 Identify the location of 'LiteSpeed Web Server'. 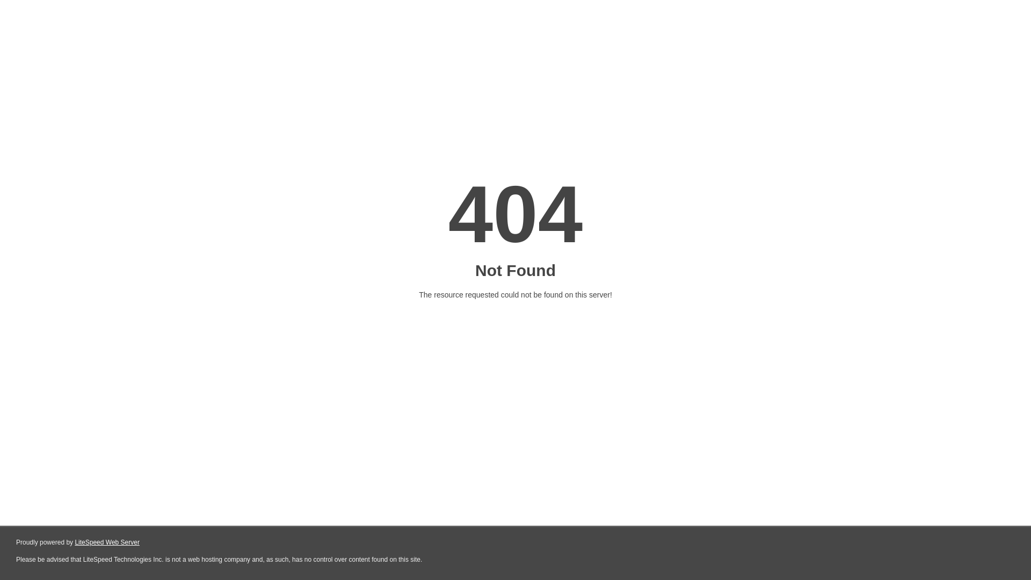
(107, 542).